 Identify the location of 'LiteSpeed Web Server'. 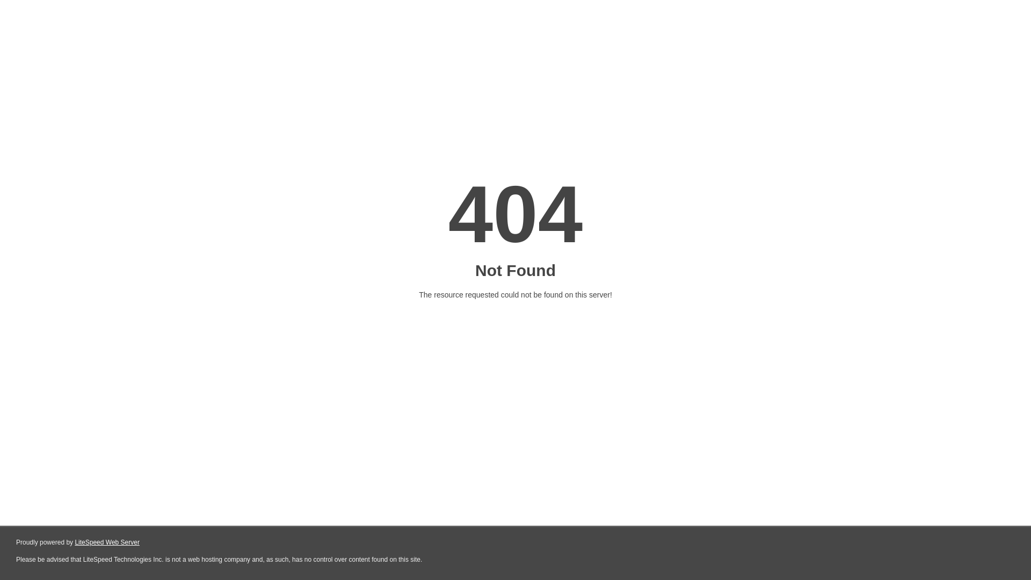
(107, 542).